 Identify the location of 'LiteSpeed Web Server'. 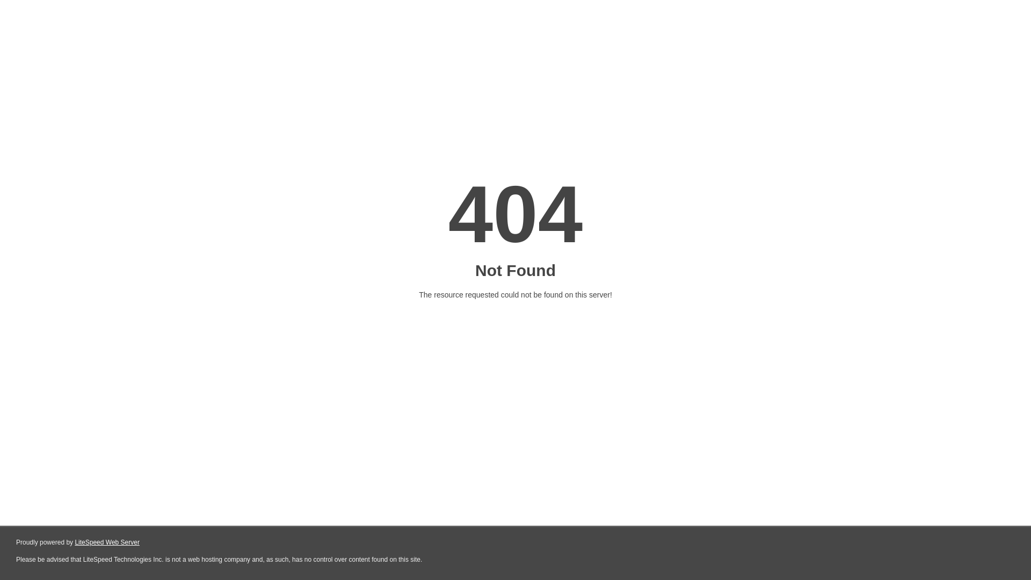
(107, 542).